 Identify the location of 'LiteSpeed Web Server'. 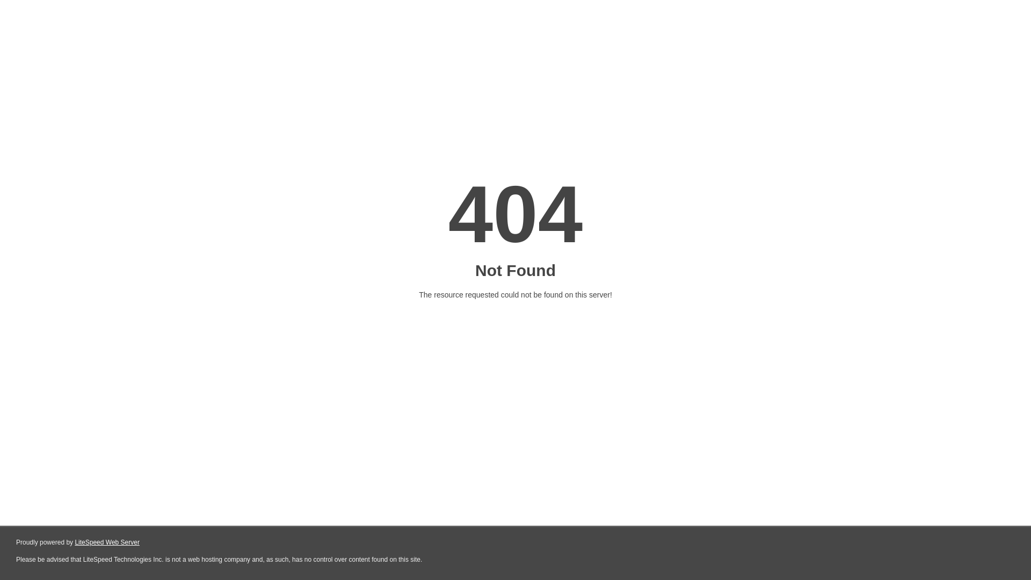
(107, 542).